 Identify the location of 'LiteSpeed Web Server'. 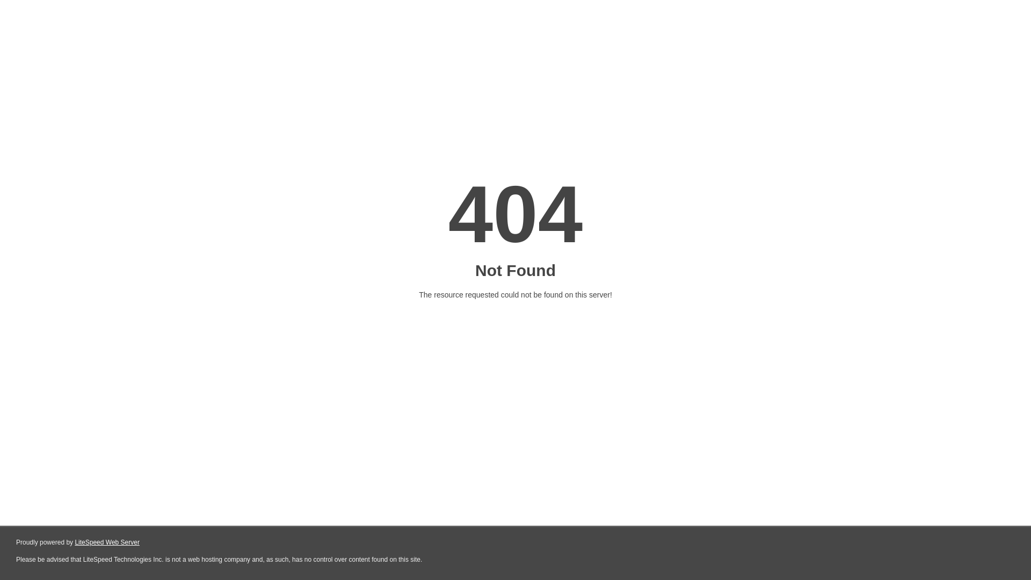
(107, 542).